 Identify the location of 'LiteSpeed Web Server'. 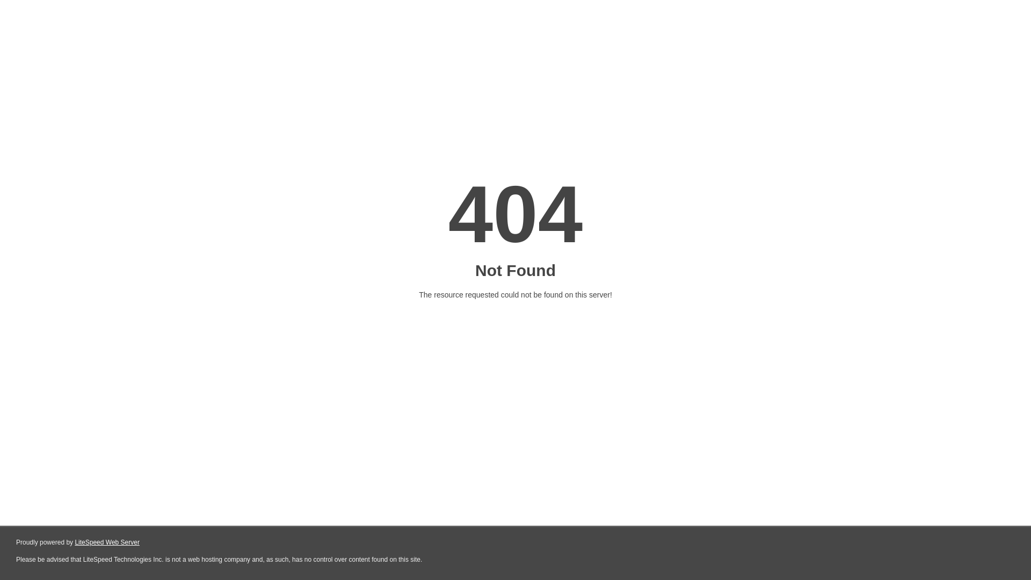
(107, 542).